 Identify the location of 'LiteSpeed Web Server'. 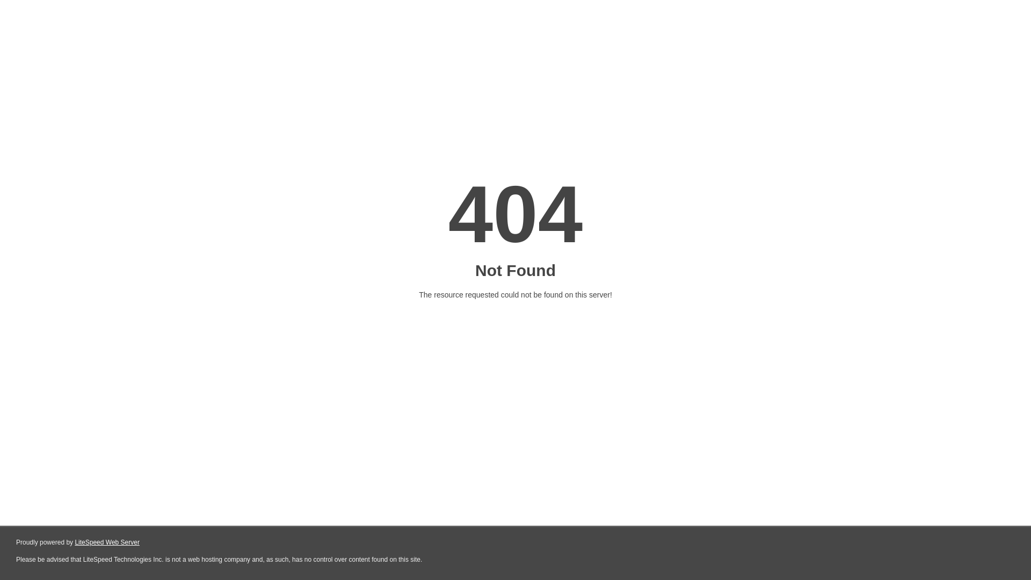
(107, 542).